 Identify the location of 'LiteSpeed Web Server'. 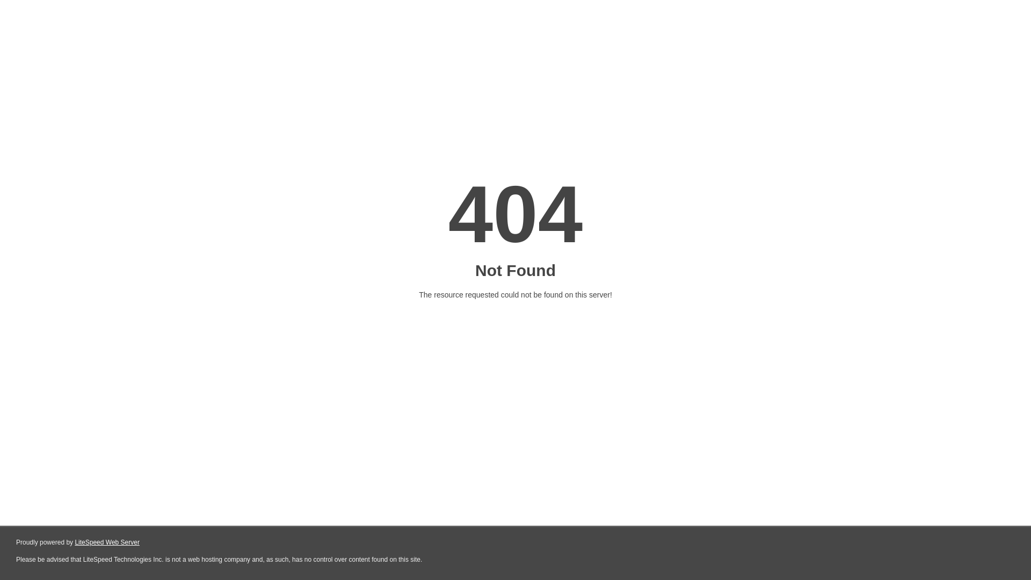
(107, 542).